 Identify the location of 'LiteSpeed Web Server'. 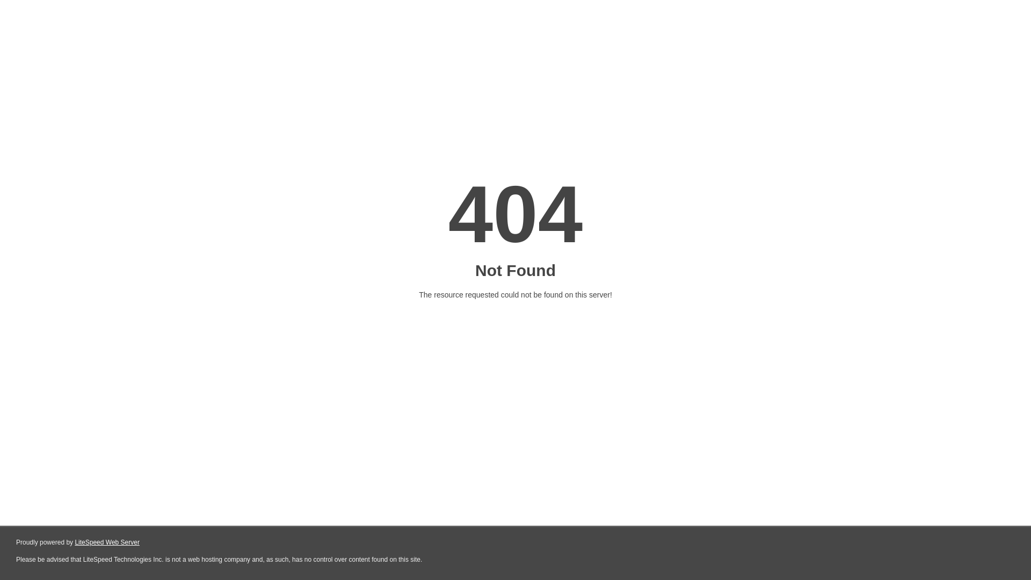
(107, 542).